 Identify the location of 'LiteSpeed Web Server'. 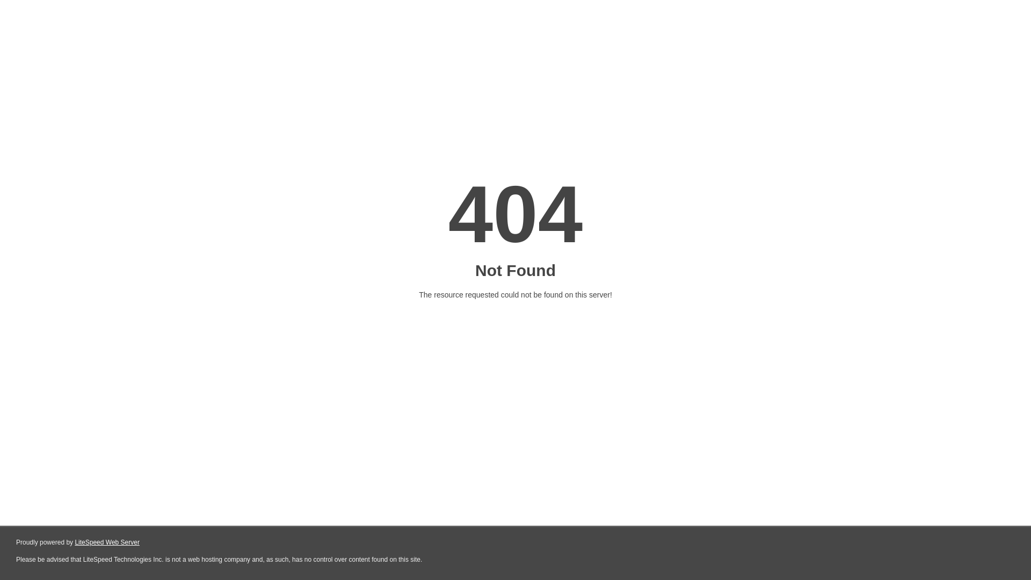
(107, 542).